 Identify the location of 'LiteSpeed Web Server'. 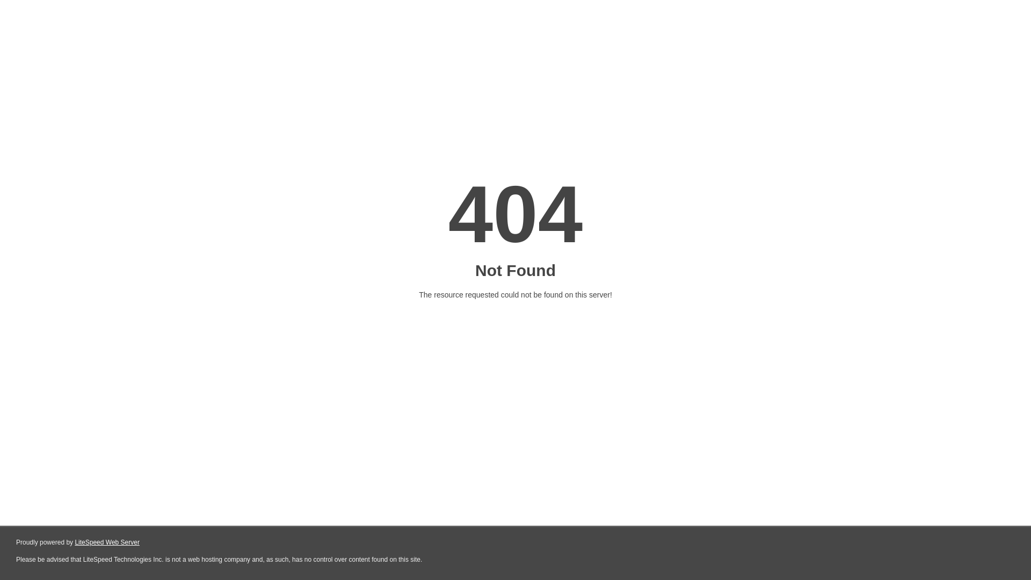
(107, 542).